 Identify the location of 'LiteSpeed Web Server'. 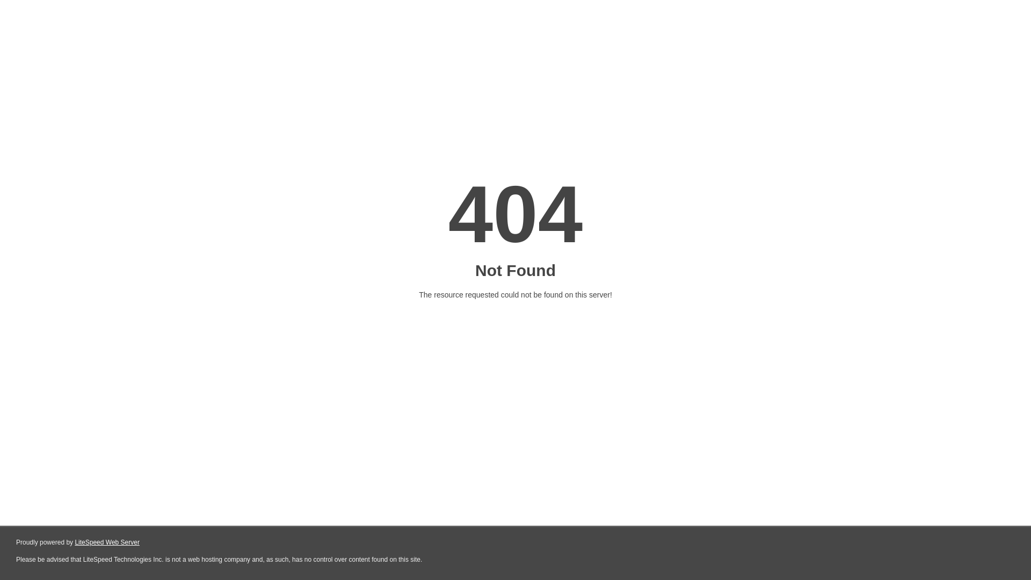
(107, 542).